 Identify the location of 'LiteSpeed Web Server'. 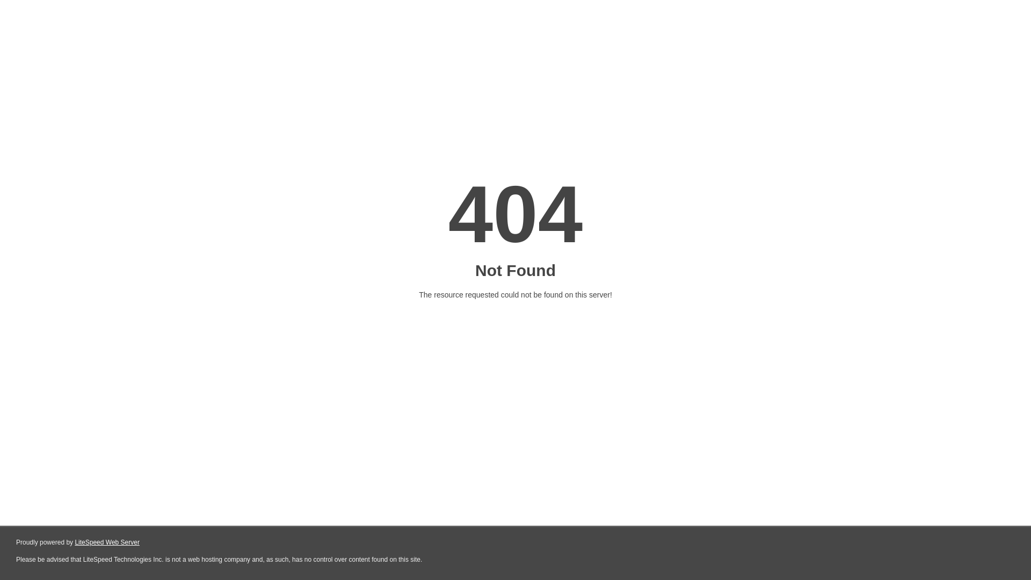
(107, 542).